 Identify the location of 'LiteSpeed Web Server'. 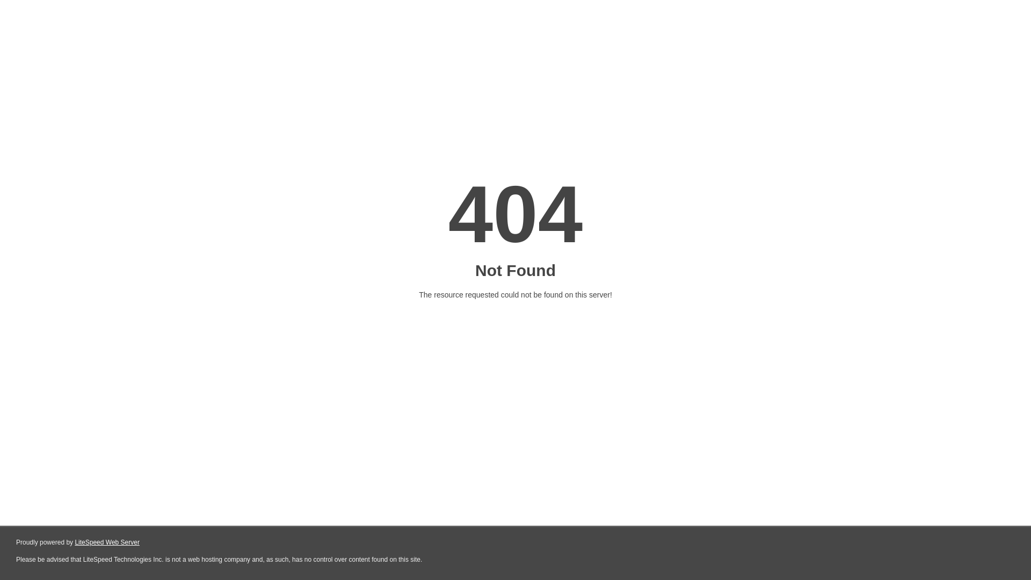
(107, 542).